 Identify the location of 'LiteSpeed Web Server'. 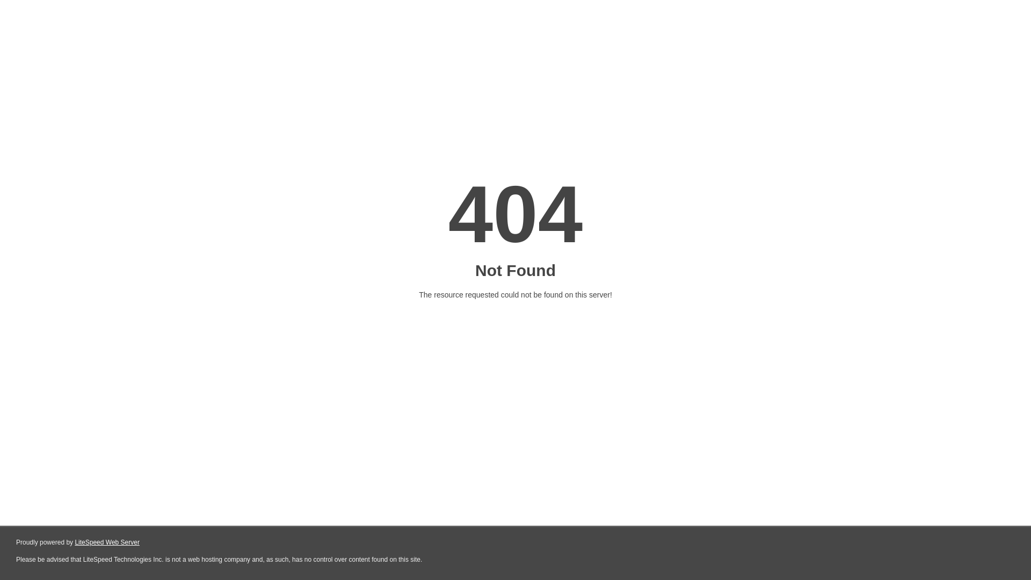
(107, 542).